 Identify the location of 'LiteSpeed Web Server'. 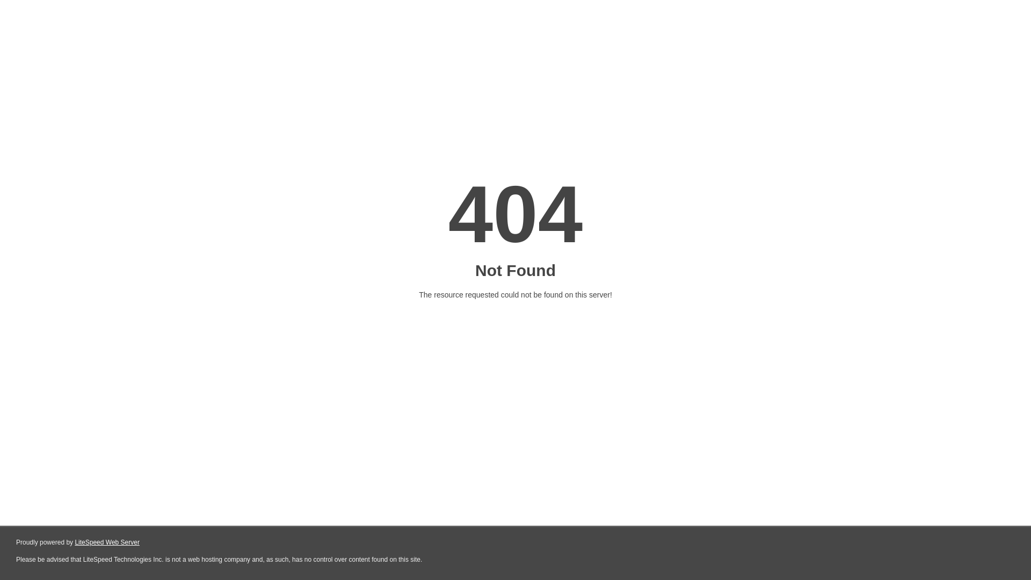
(107, 542).